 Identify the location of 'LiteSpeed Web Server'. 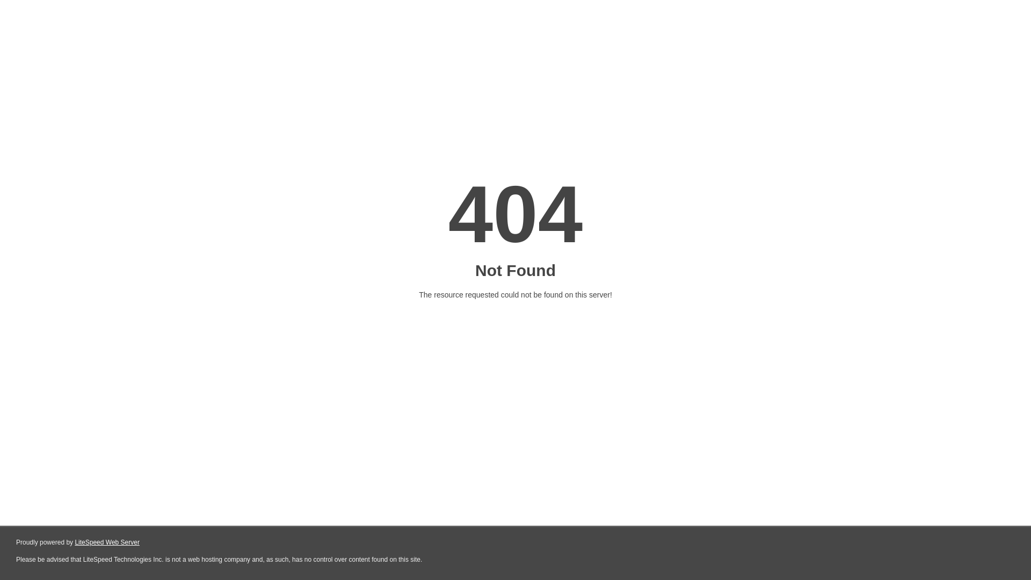
(107, 542).